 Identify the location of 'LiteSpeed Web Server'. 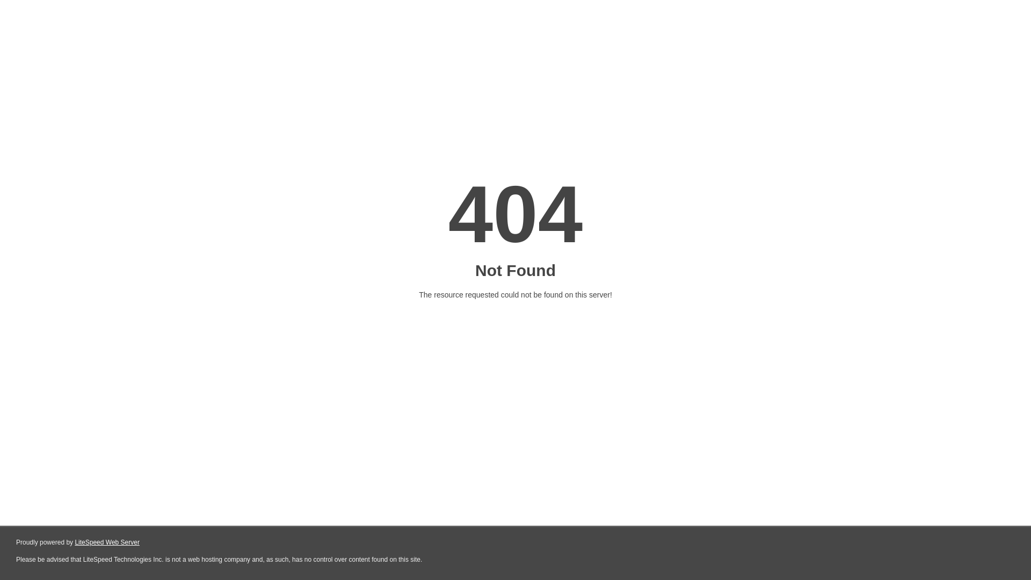
(107, 542).